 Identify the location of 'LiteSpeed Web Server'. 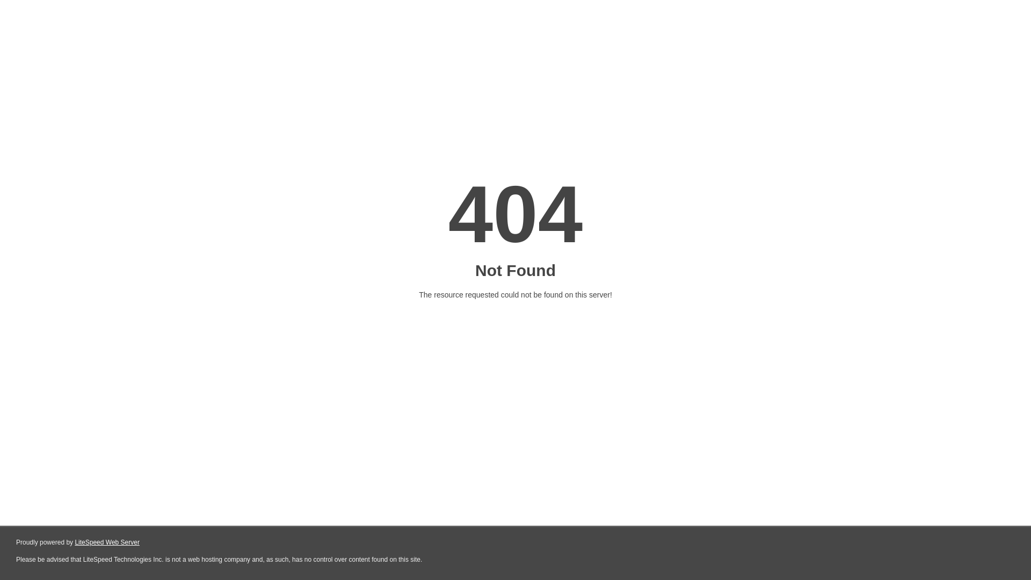
(107, 542).